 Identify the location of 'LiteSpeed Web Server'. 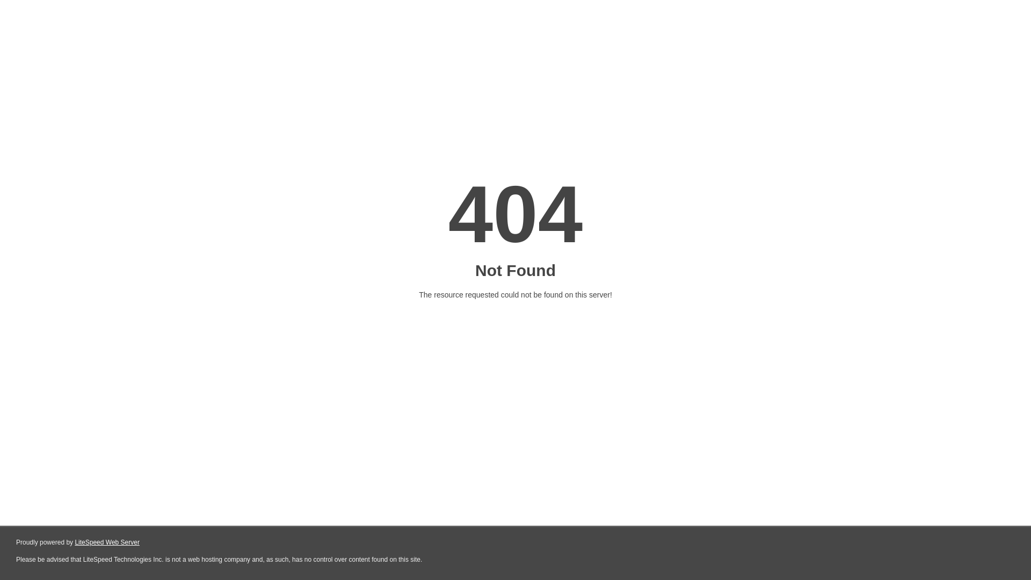
(107, 542).